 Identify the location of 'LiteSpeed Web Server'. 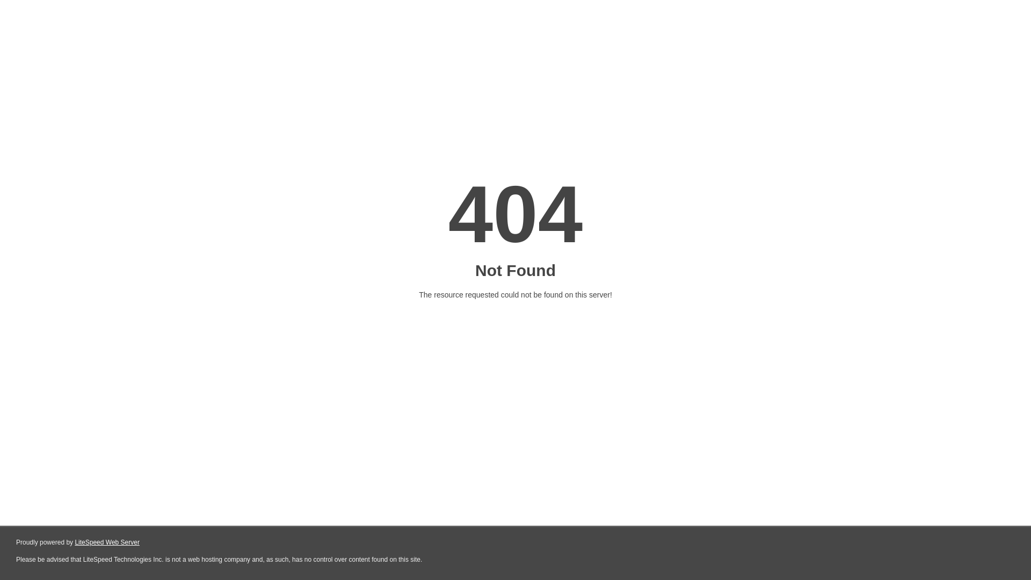
(107, 542).